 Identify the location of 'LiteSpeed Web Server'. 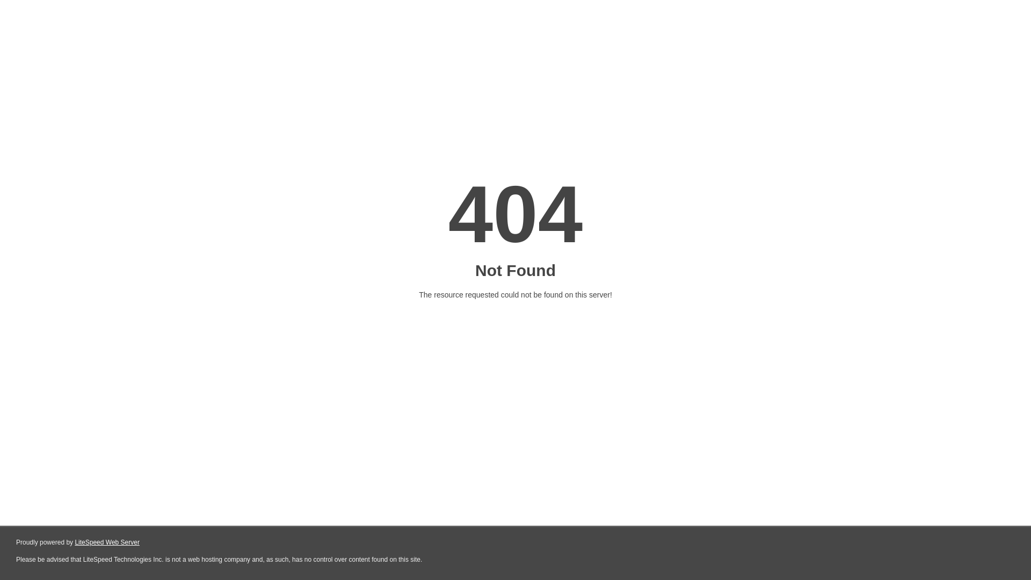
(107, 542).